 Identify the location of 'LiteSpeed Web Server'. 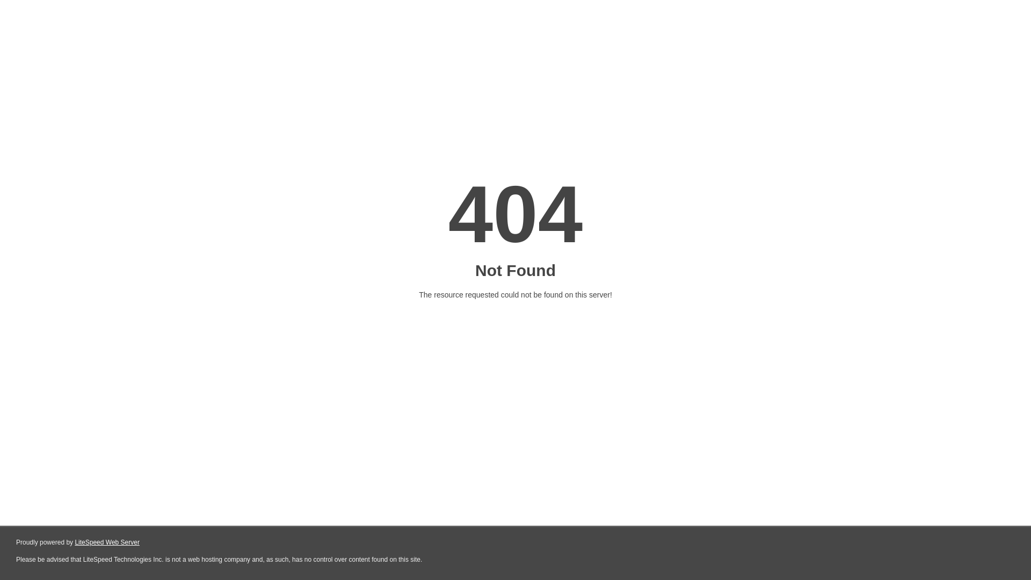
(107, 542).